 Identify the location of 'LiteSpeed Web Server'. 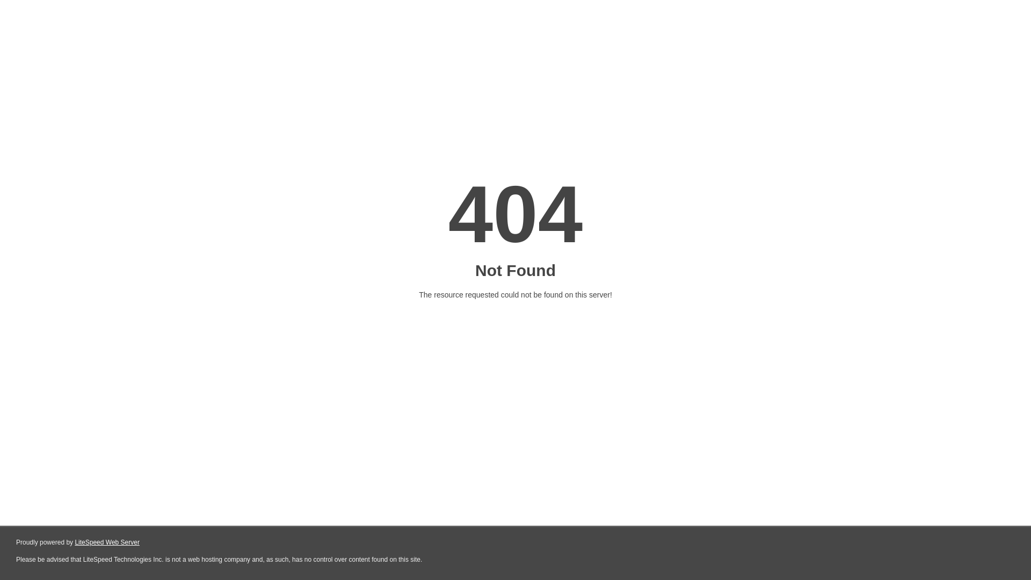
(107, 542).